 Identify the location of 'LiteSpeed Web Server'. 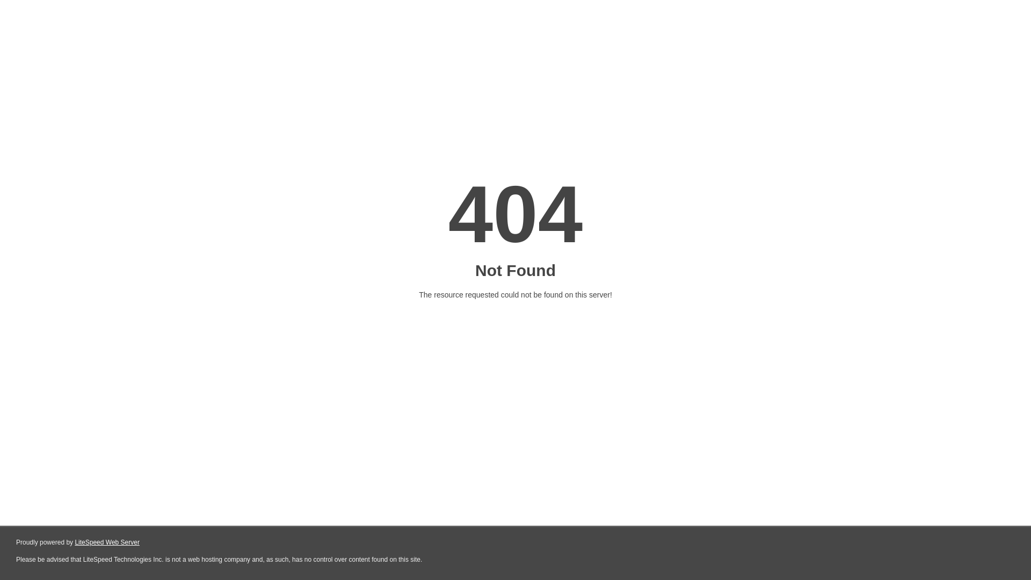
(107, 542).